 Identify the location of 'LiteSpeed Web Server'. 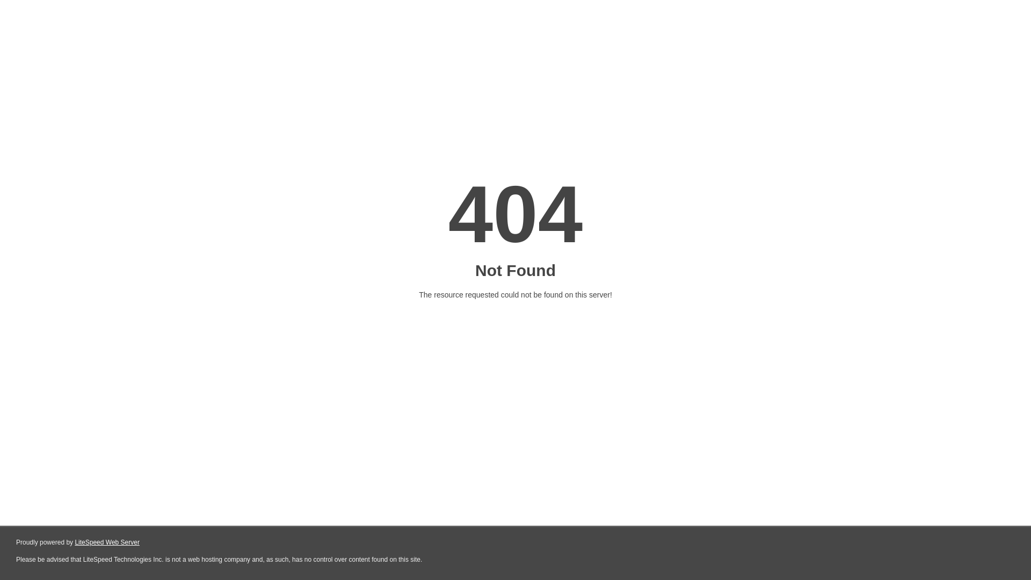
(107, 542).